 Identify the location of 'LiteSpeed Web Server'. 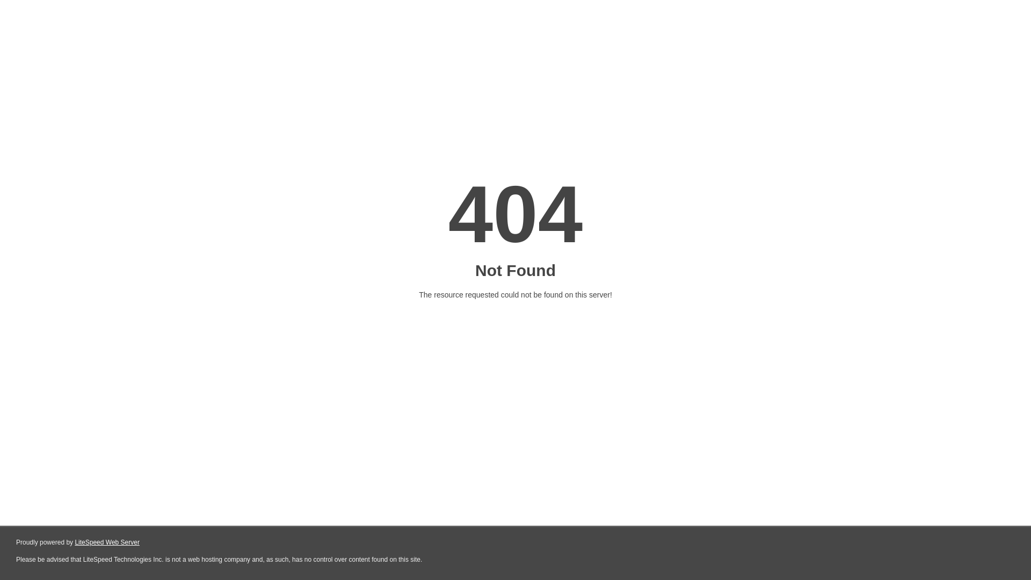
(107, 542).